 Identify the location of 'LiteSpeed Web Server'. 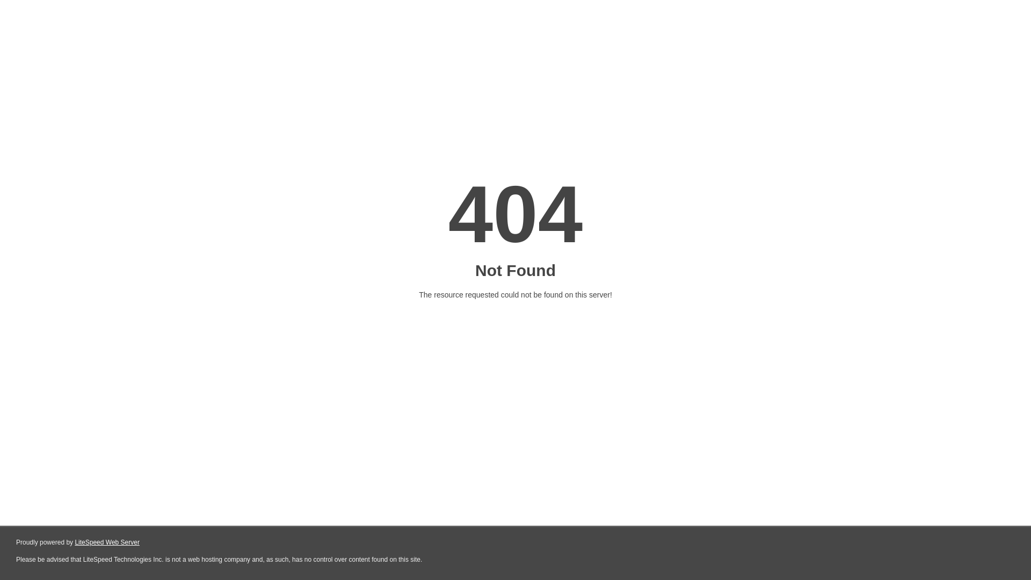
(107, 542).